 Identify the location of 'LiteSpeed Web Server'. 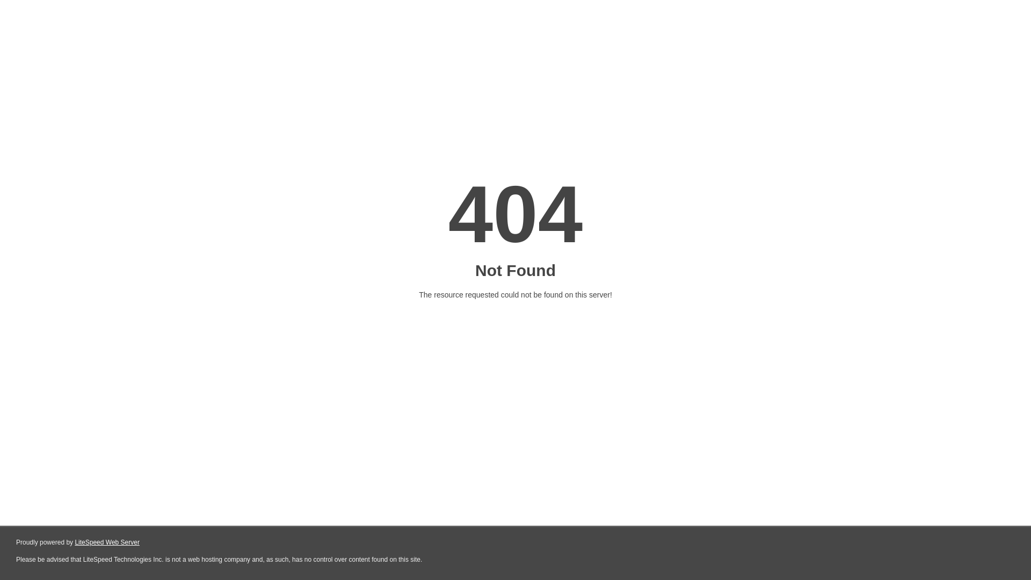
(107, 542).